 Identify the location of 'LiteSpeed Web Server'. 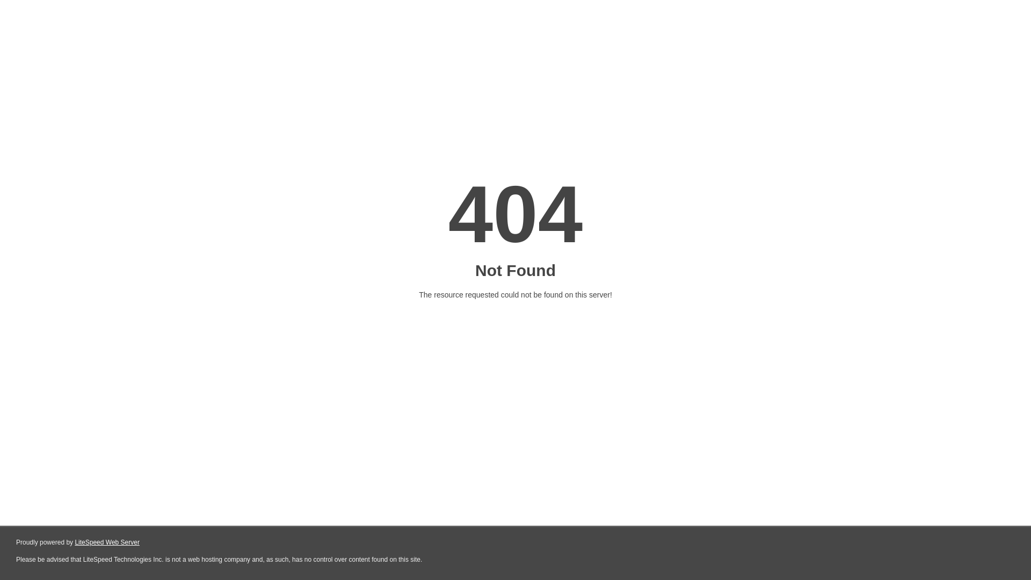
(107, 542).